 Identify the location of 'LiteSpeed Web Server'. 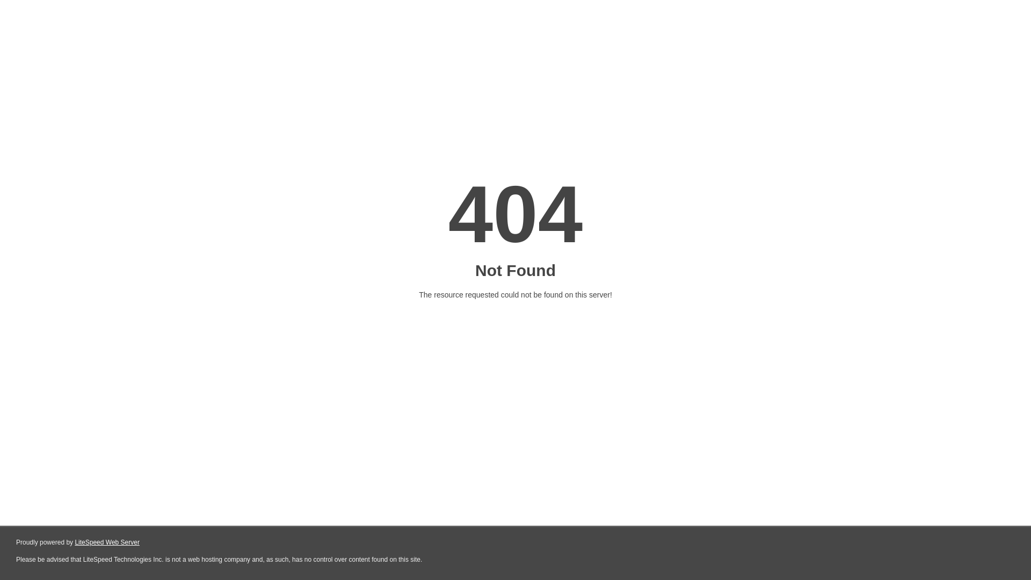
(107, 542).